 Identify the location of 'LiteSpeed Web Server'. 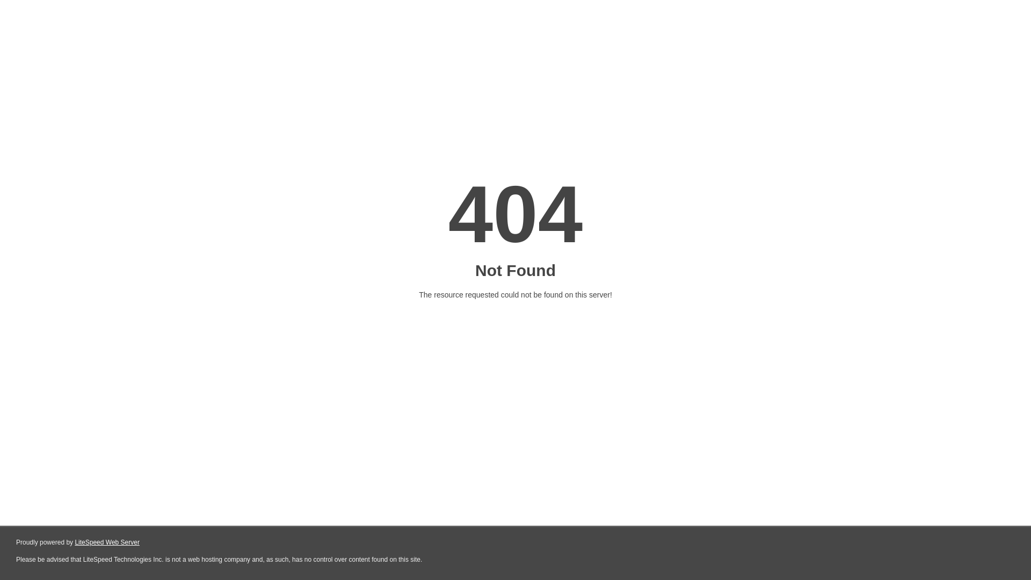
(107, 542).